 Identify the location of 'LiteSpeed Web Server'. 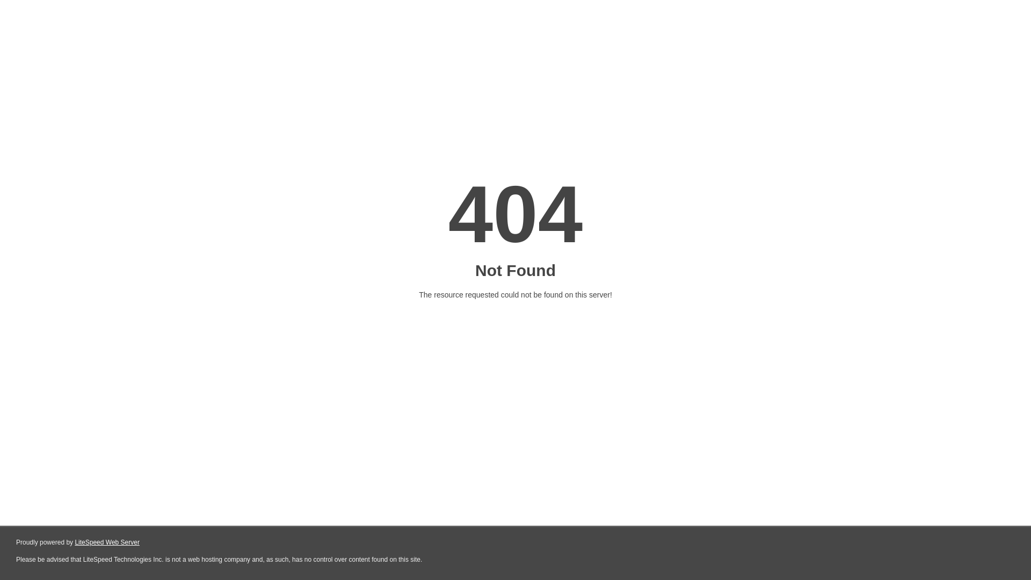
(107, 542).